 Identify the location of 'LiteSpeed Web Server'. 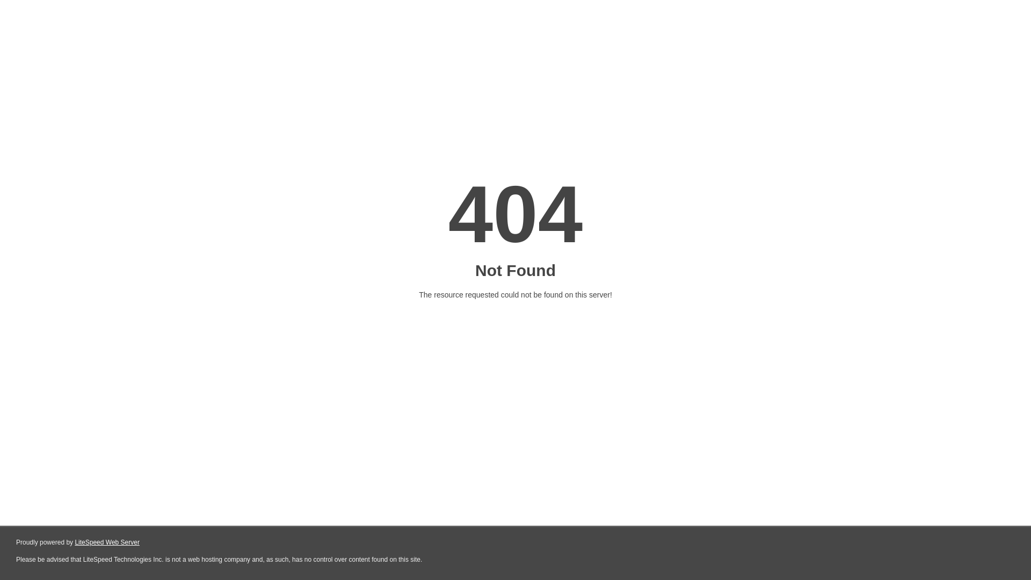
(107, 542).